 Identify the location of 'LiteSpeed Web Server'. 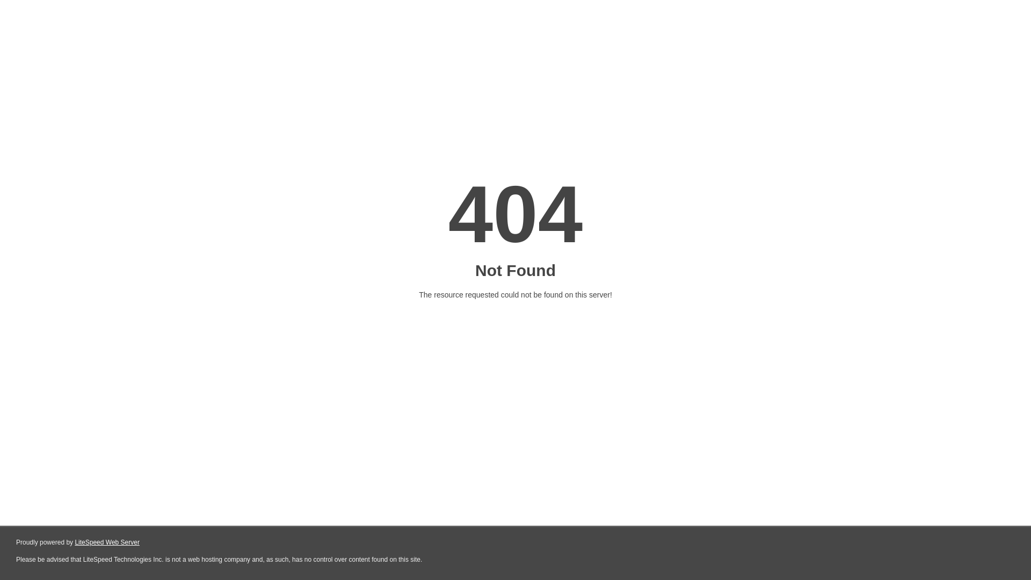
(107, 542).